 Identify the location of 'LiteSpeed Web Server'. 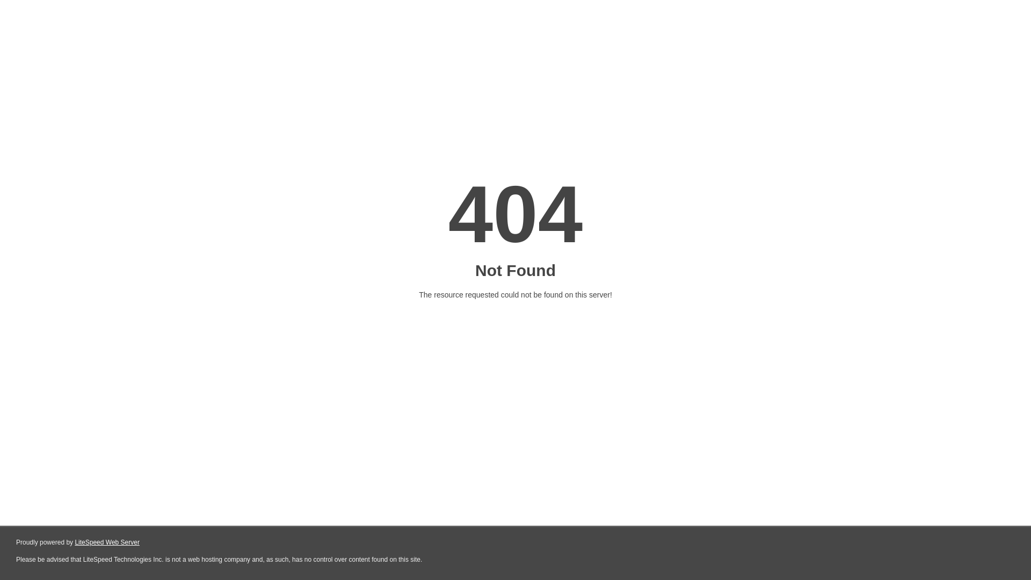
(107, 542).